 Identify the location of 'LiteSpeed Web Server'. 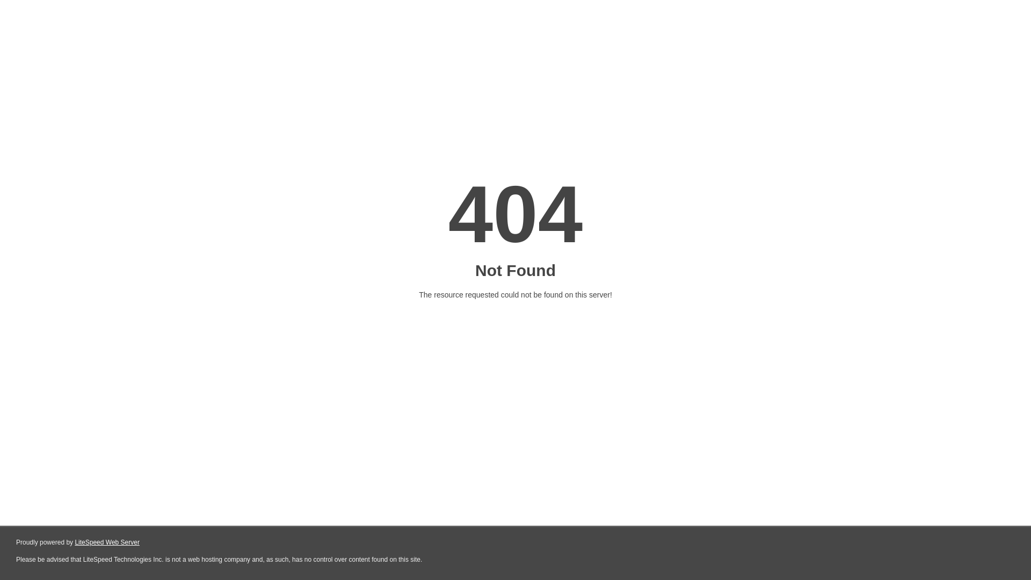
(107, 542).